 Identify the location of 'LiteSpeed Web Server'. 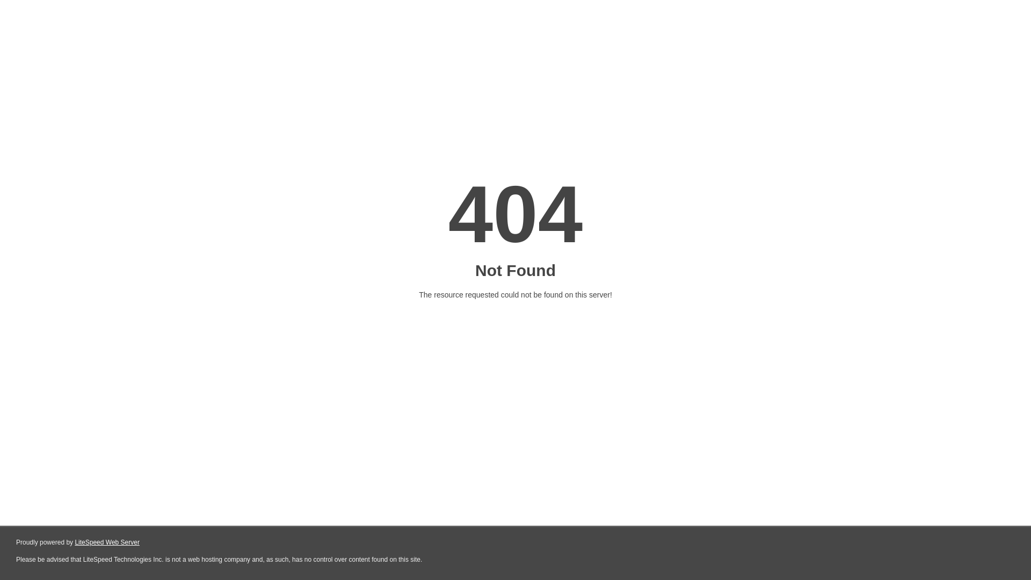
(107, 542).